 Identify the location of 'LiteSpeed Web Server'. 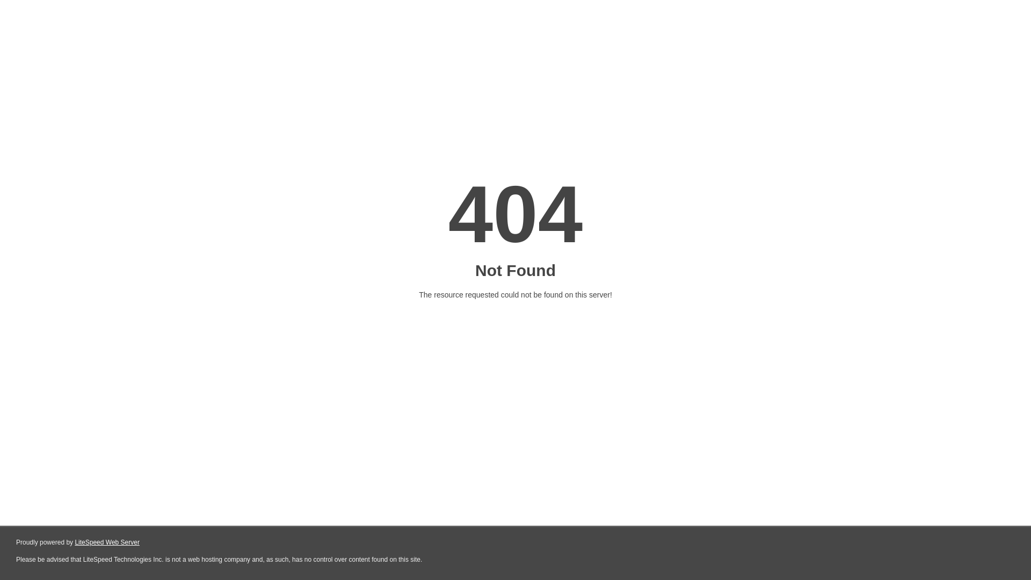
(107, 542).